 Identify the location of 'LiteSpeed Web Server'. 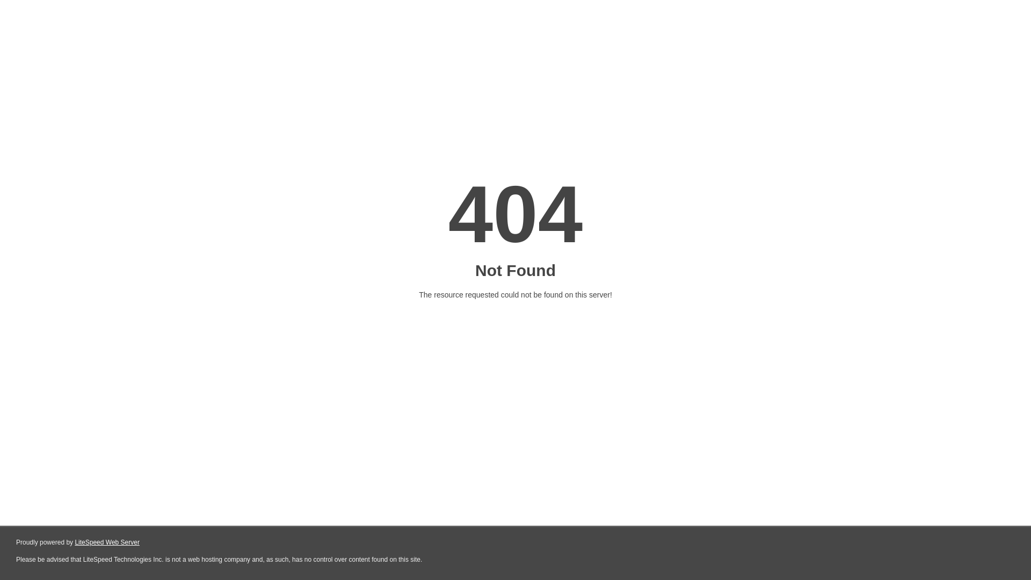
(107, 542).